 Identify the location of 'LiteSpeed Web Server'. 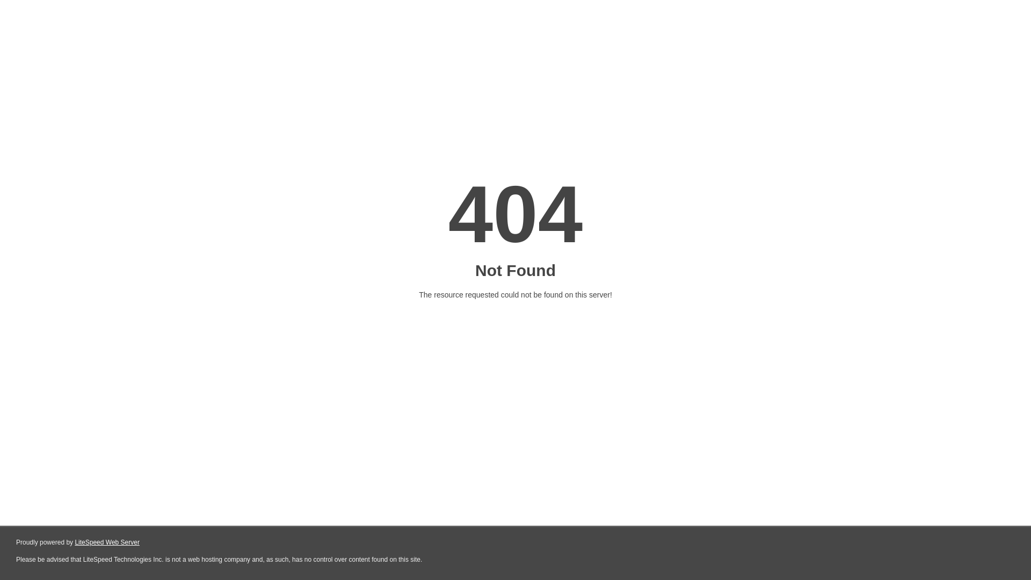
(107, 542).